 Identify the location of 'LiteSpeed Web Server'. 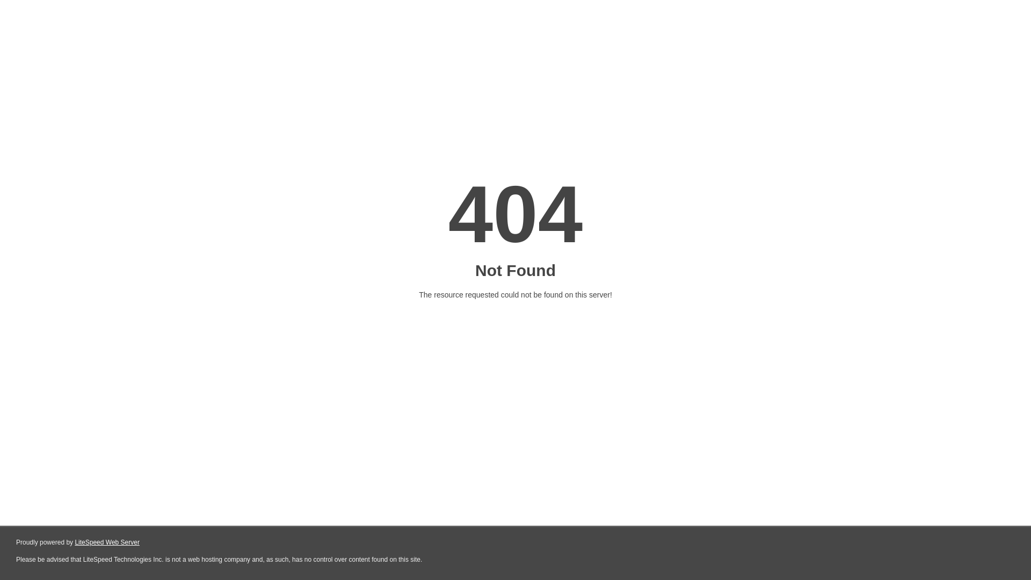
(107, 542).